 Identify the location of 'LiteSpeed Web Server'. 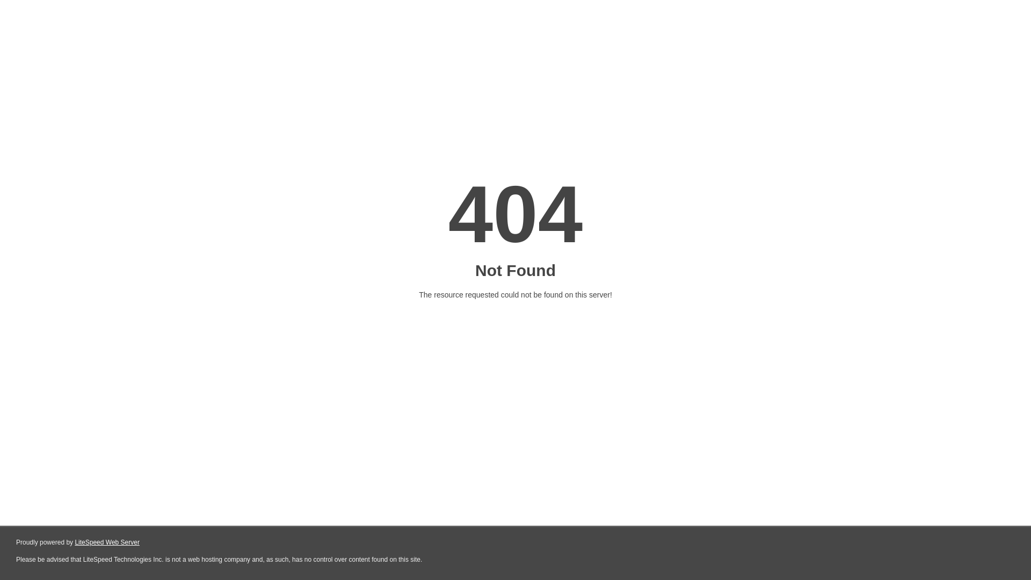
(107, 542).